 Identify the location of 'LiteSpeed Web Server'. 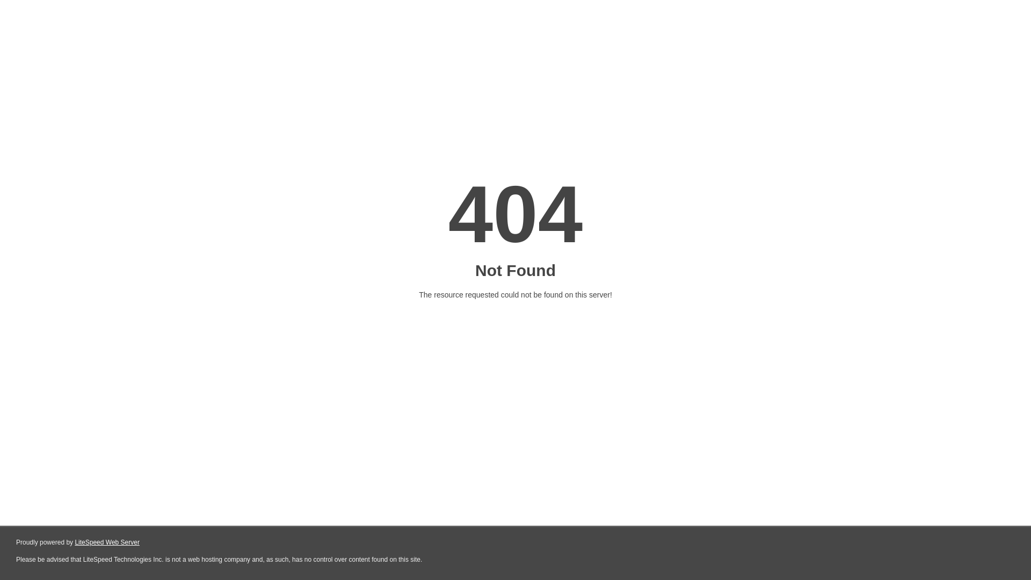
(107, 542).